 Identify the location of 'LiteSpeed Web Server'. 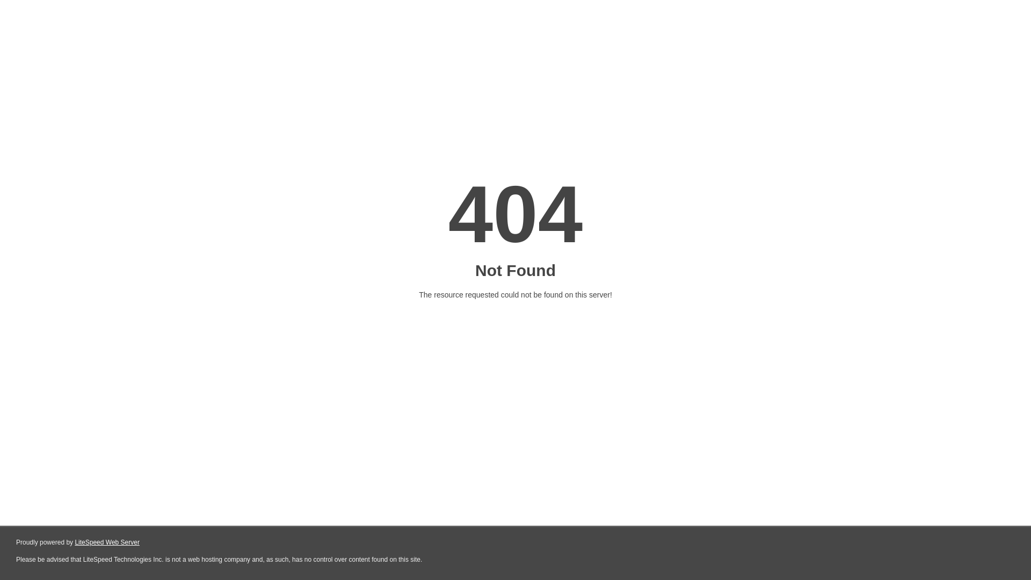
(107, 542).